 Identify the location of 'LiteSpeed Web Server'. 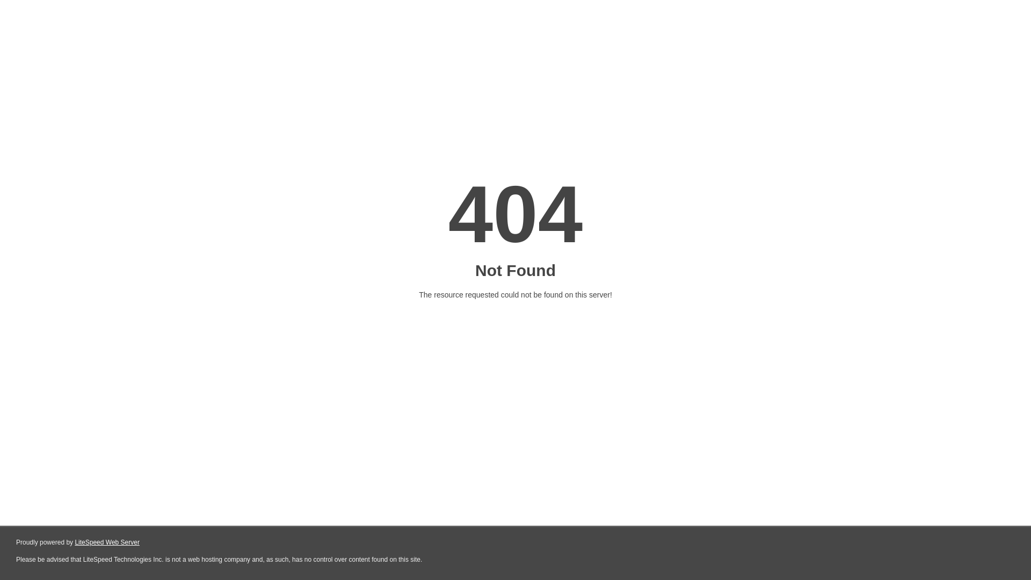
(107, 542).